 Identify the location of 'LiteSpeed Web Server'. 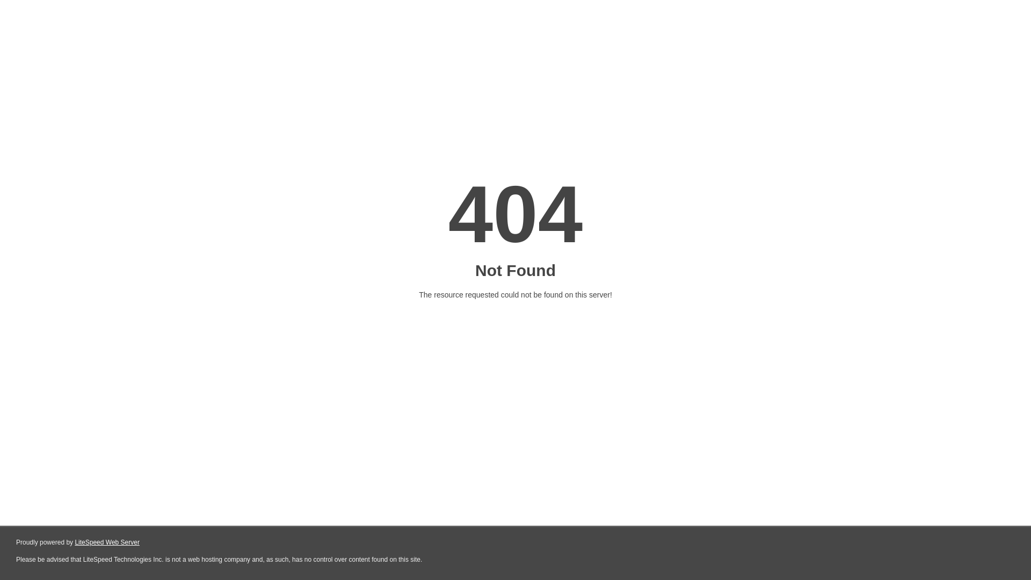
(107, 542).